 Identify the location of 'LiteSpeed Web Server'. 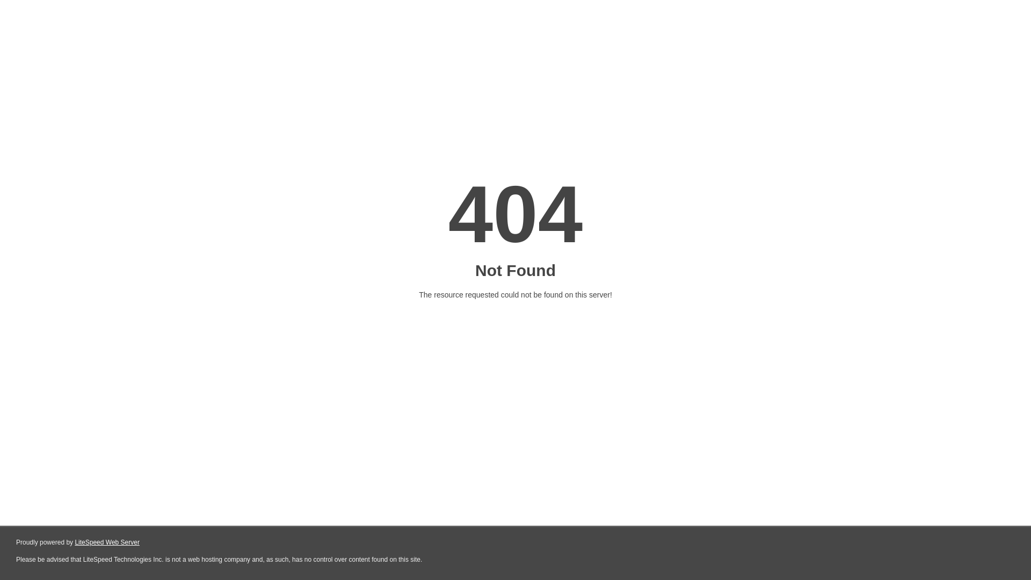
(107, 542).